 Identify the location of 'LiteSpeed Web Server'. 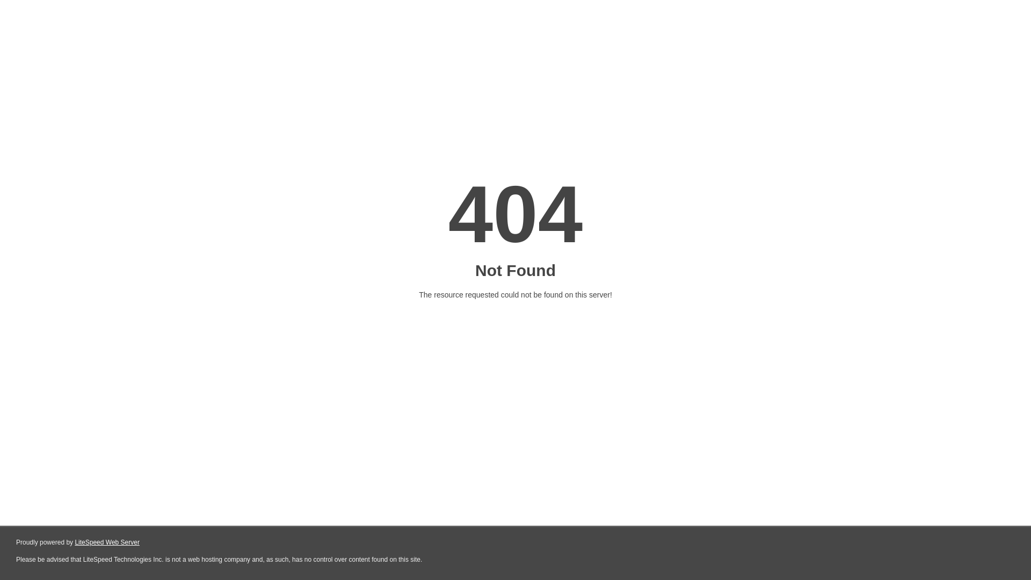
(107, 542).